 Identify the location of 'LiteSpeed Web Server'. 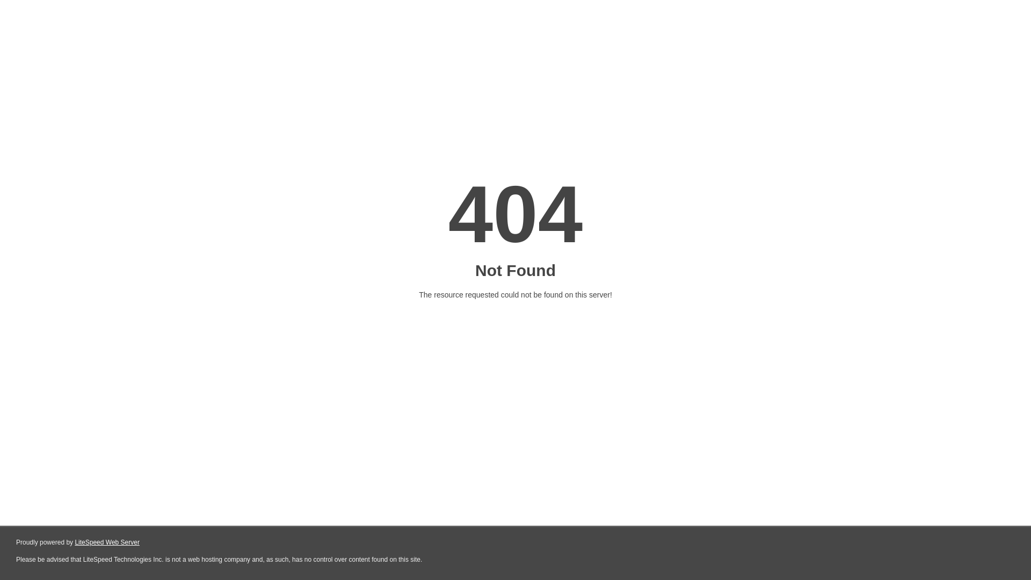
(107, 542).